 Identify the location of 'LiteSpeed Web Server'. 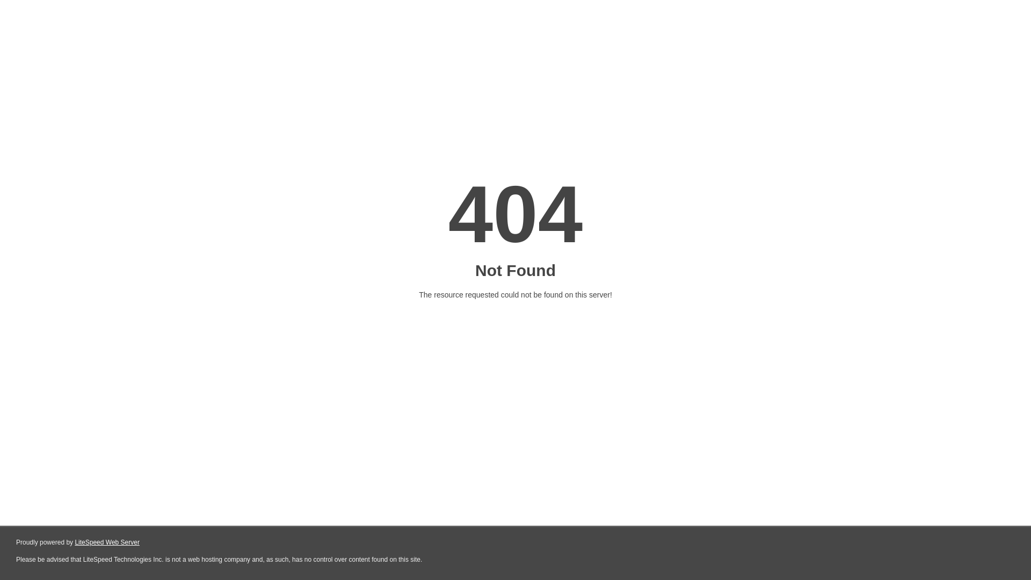
(107, 542).